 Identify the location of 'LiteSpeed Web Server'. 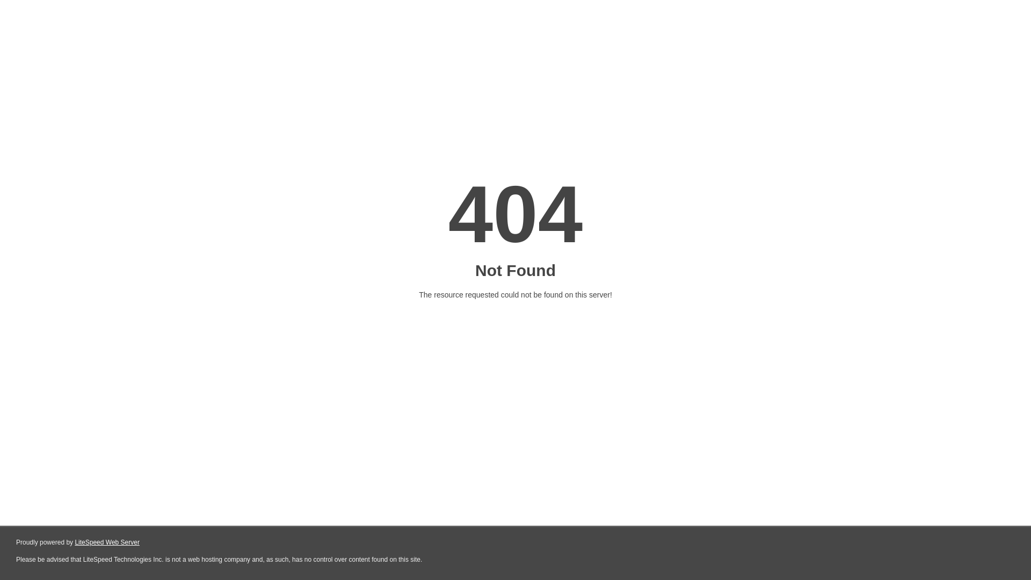
(107, 542).